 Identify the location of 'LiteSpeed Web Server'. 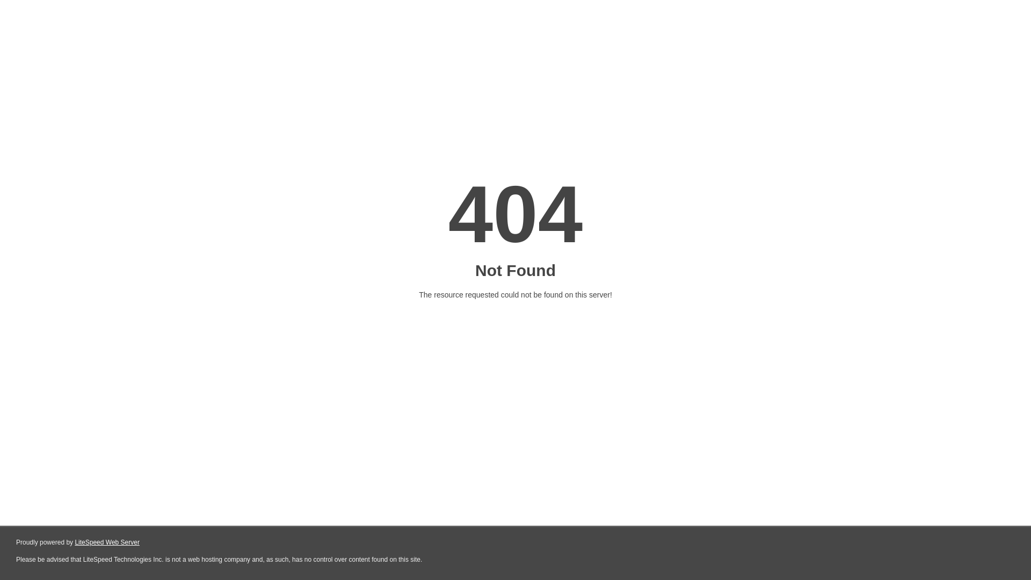
(107, 542).